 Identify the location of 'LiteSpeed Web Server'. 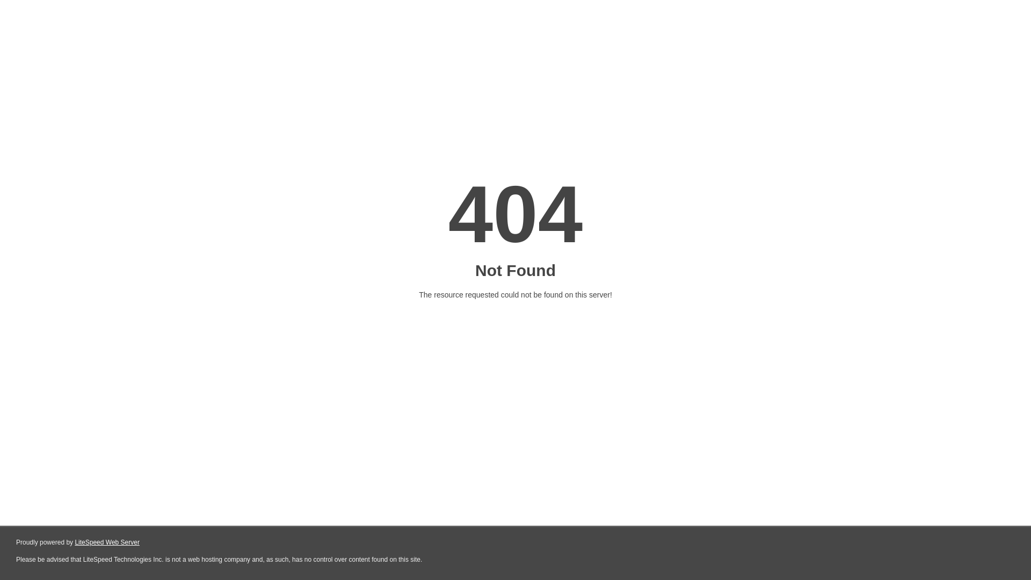
(107, 542).